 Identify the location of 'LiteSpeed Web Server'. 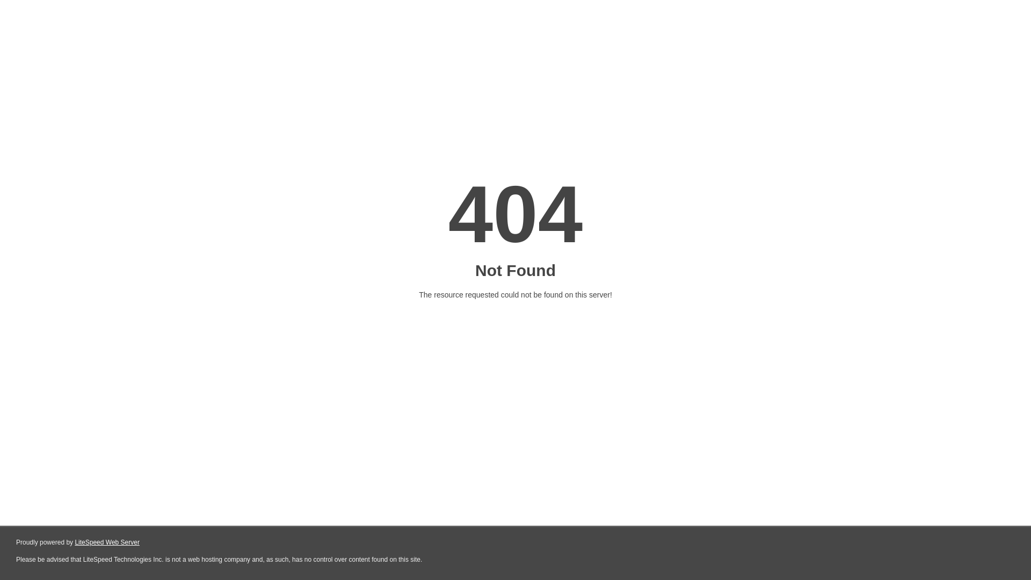
(107, 542).